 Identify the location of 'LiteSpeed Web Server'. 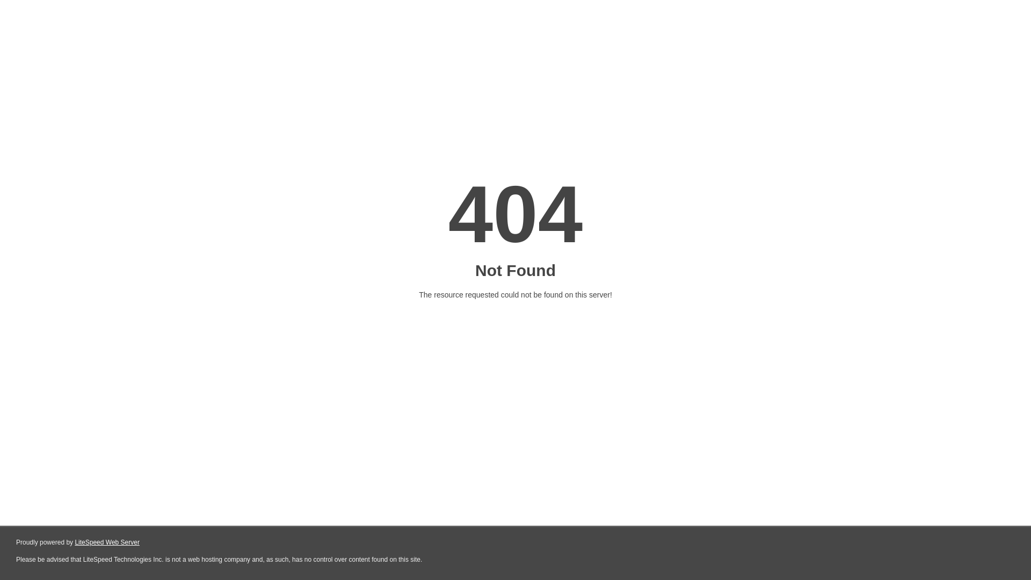
(107, 542).